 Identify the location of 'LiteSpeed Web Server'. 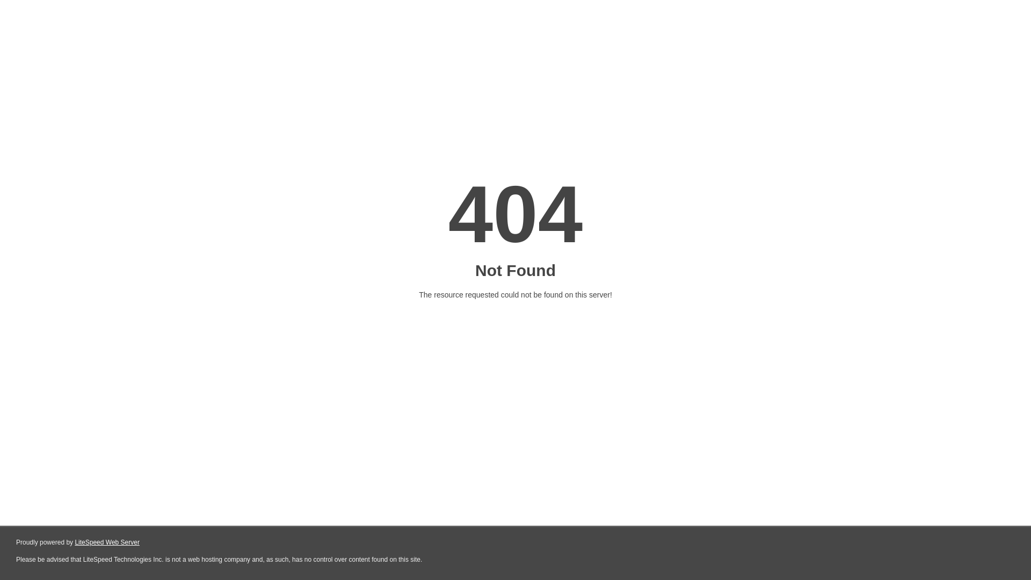
(107, 542).